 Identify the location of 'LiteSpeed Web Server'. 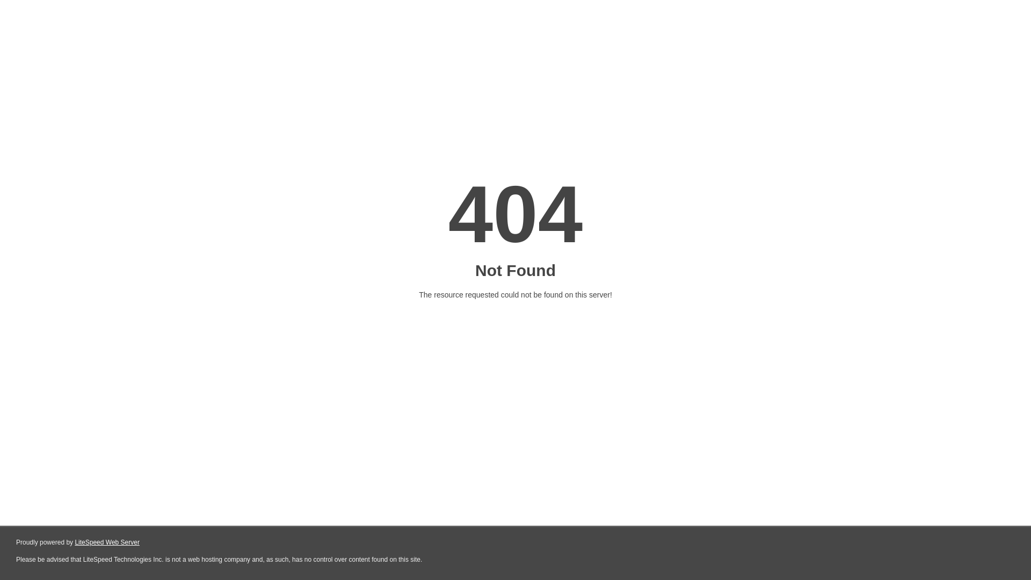
(107, 542).